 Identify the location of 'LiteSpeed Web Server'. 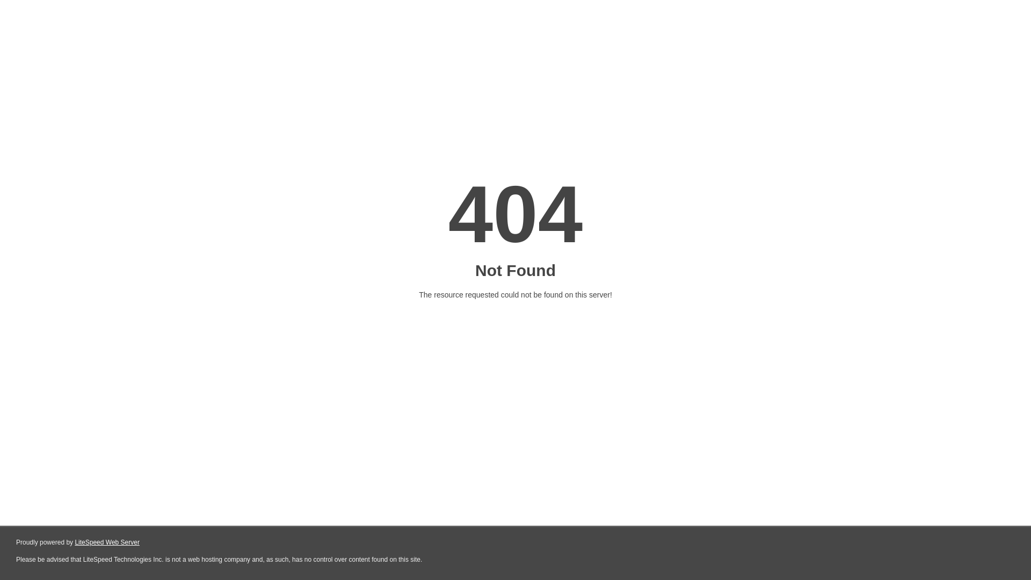
(107, 542).